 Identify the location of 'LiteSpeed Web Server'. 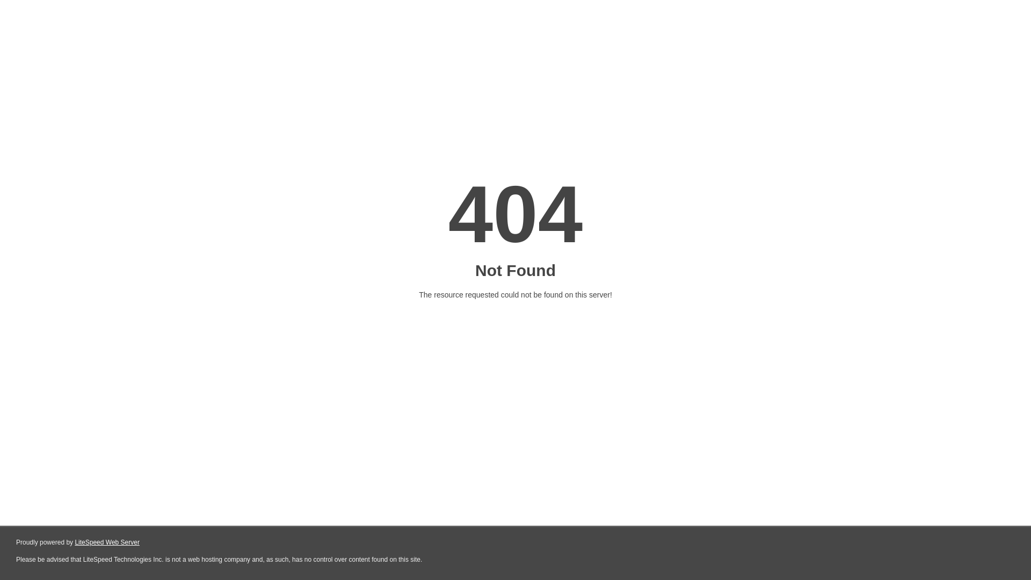
(107, 542).